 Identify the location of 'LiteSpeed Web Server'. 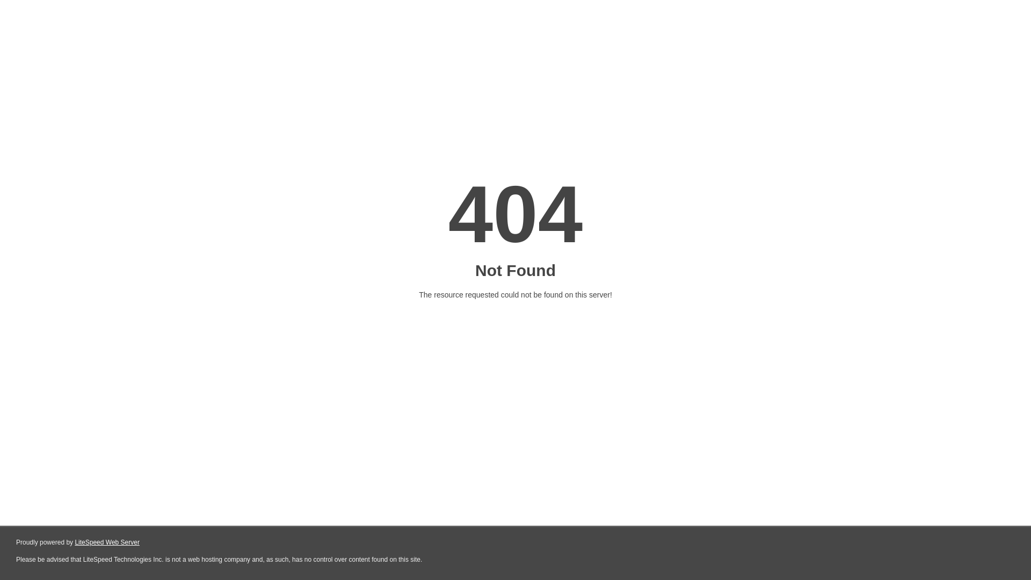
(107, 542).